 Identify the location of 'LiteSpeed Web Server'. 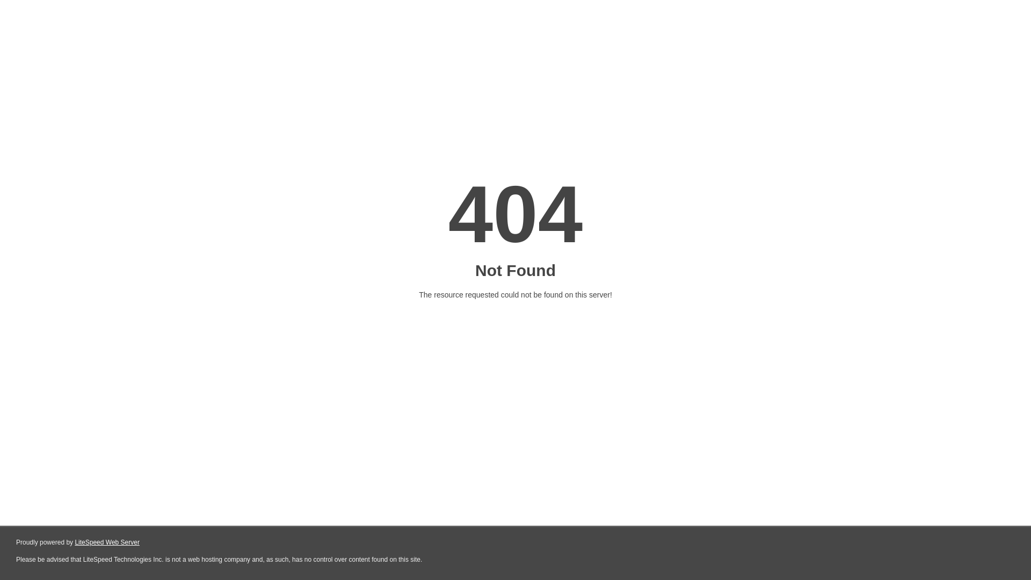
(107, 542).